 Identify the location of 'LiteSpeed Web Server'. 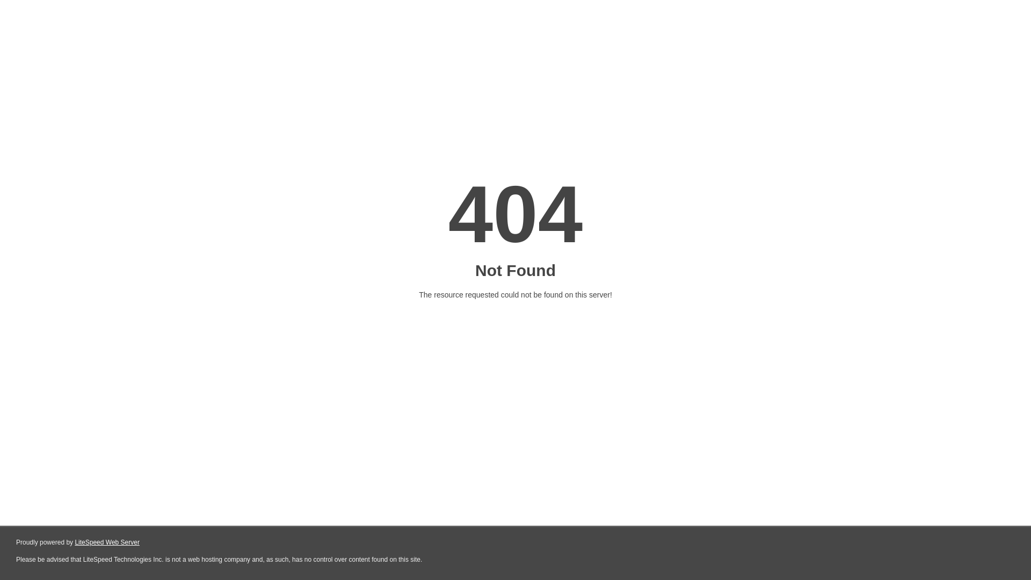
(107, 542).